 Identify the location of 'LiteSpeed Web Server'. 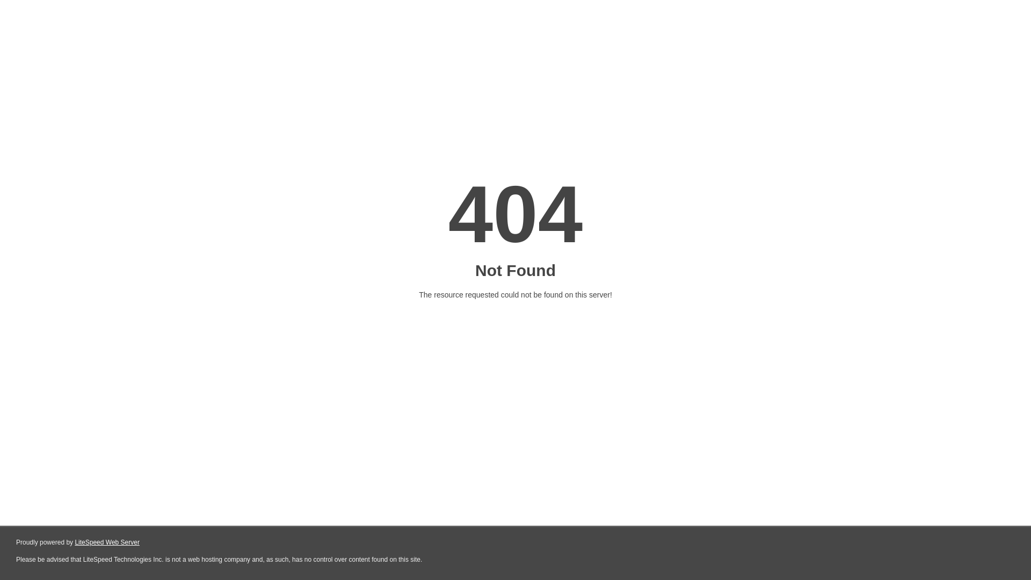
(107, 542).